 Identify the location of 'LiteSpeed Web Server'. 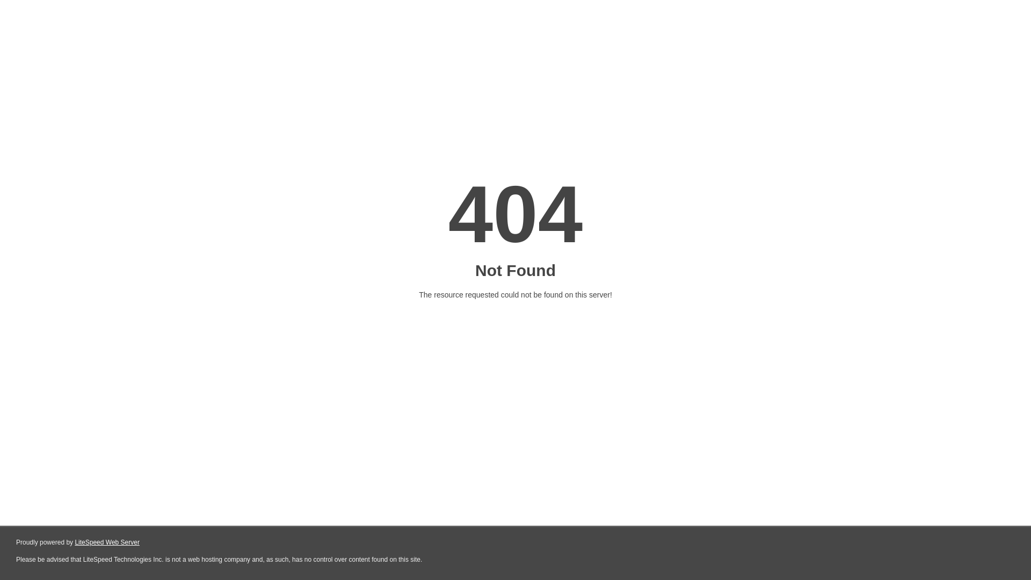
(107, 542).